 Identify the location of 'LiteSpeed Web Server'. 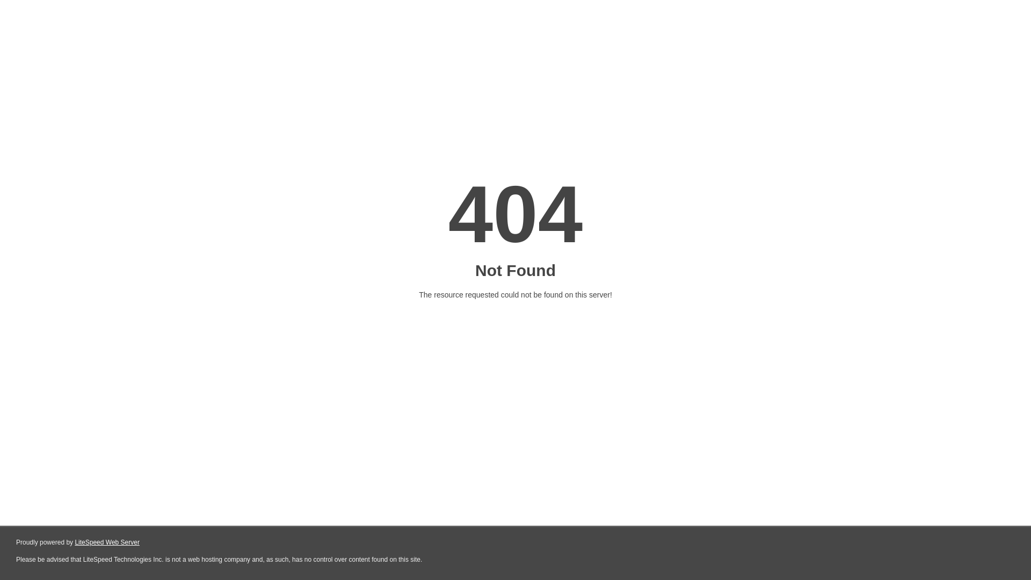
(107, 542).